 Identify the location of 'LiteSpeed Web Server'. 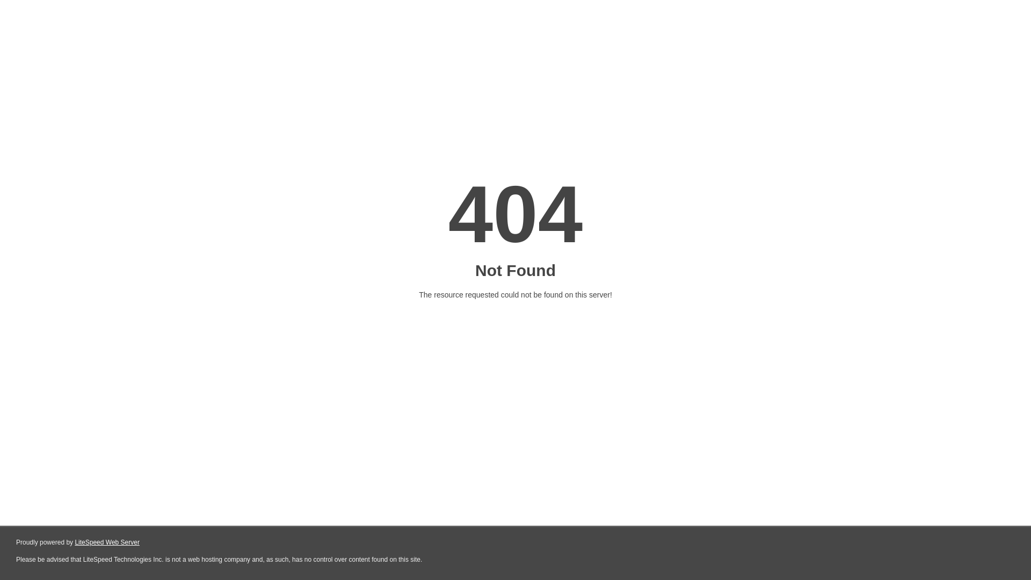
(107, 542).